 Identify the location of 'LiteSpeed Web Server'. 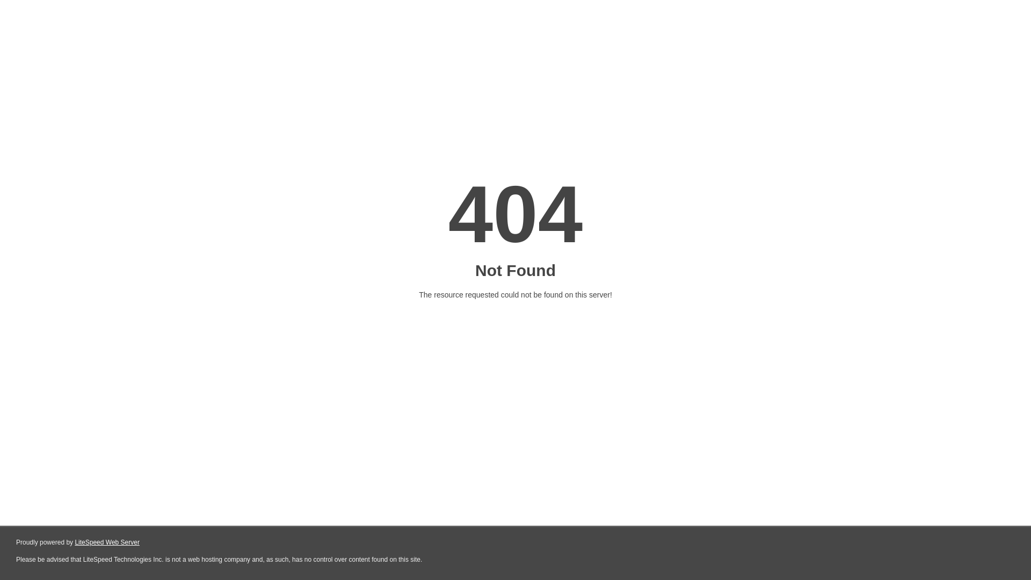
(107, 542).